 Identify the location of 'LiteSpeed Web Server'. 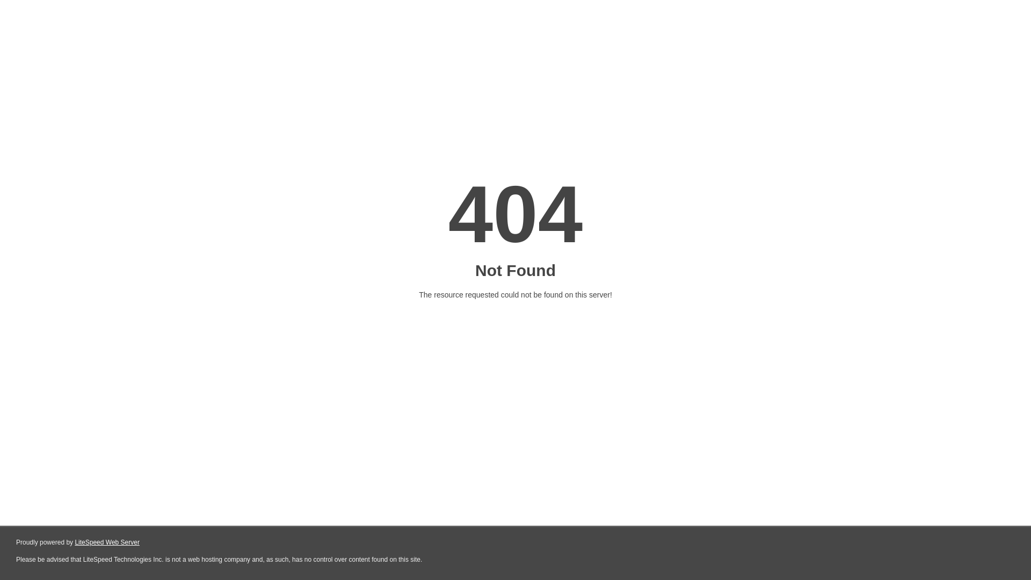
(107, 542).